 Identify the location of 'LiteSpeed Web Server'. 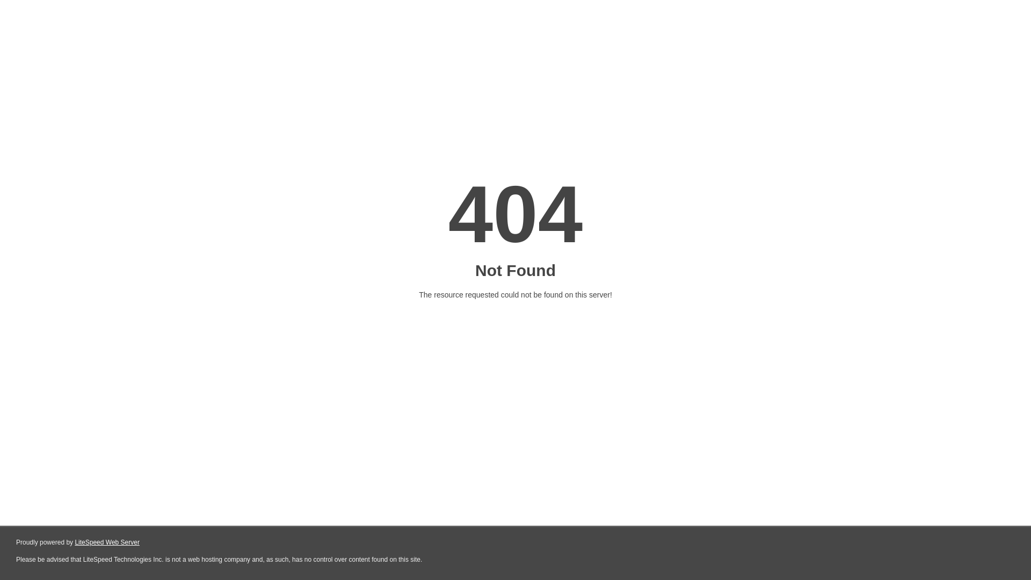
(107, 542).